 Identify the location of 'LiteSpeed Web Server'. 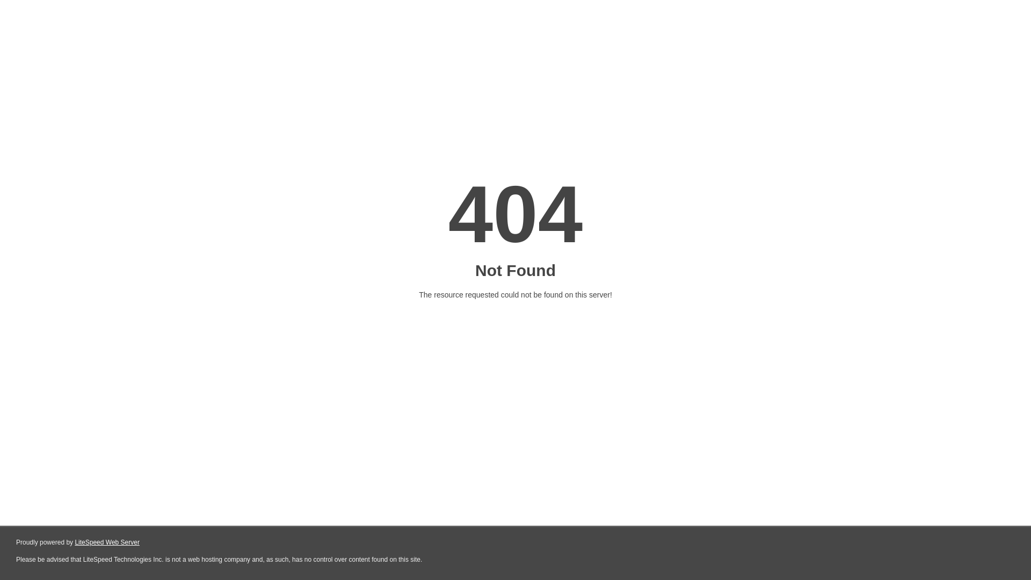
(107, 542).